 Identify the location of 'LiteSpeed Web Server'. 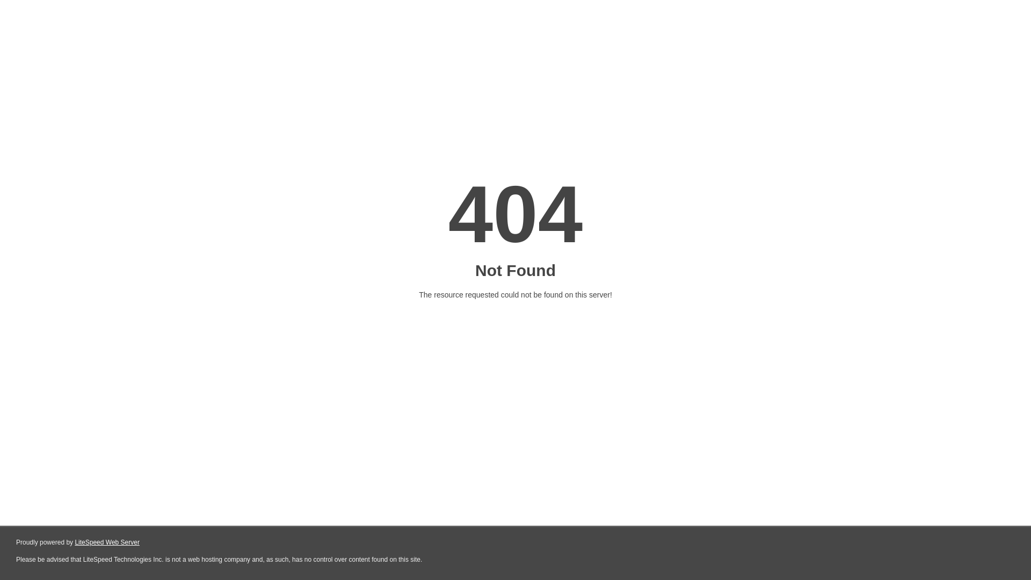
(107, 542).